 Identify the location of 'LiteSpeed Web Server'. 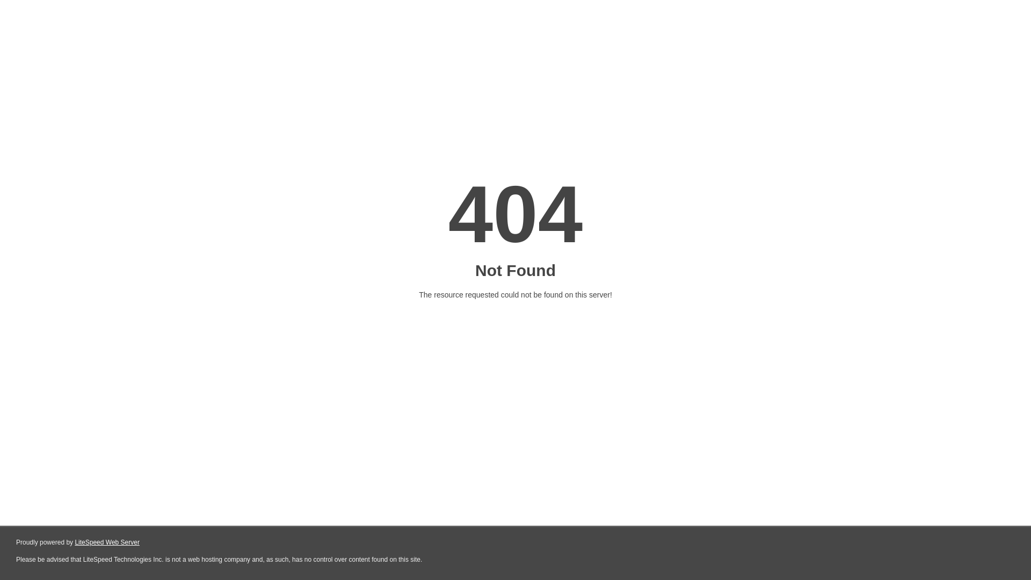
(107, 542).